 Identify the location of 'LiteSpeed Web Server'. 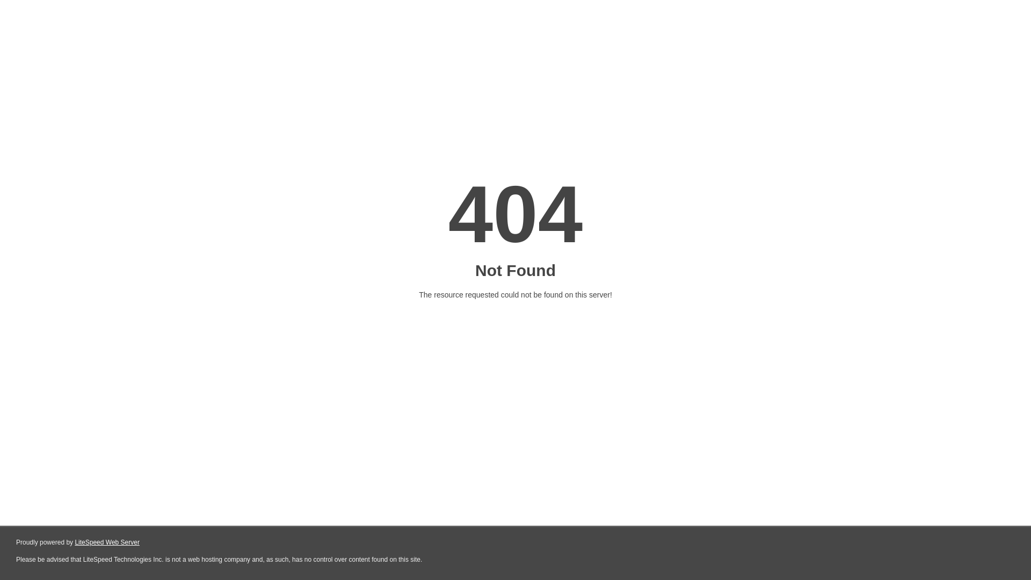
(107, 542).